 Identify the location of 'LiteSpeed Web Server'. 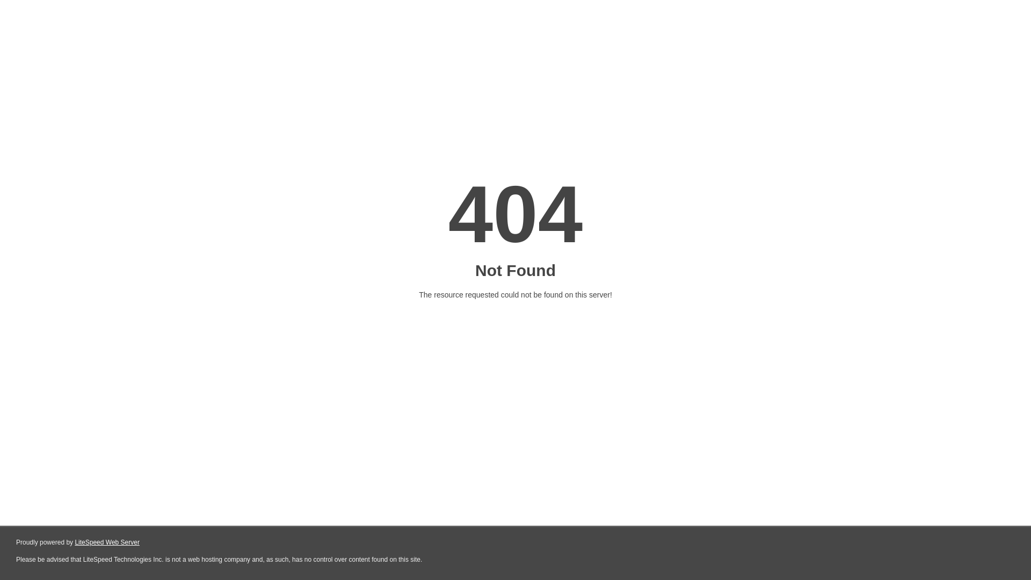
(107, 542).